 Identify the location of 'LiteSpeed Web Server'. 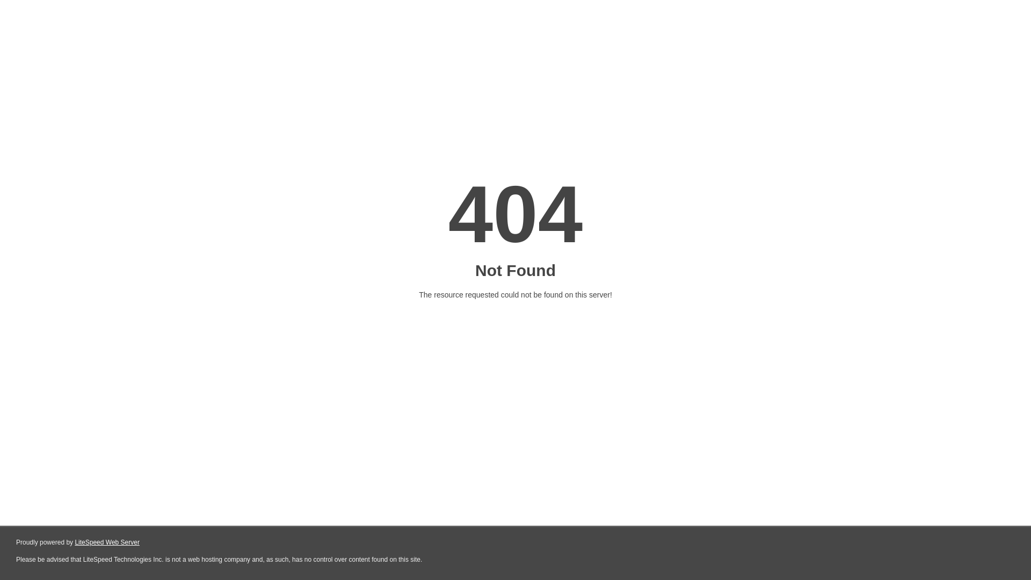
(107, 542).